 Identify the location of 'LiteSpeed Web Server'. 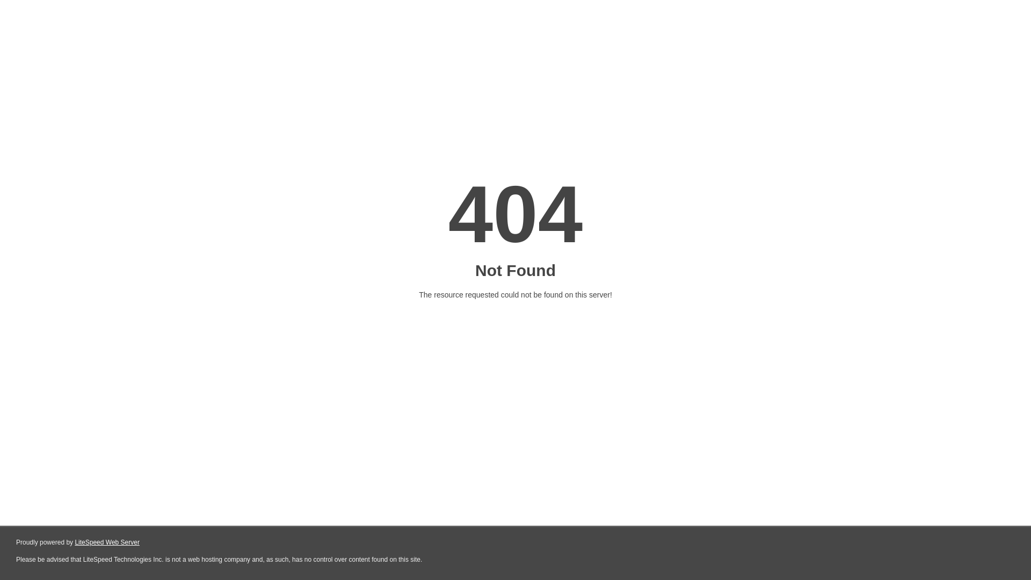
(107, 542).